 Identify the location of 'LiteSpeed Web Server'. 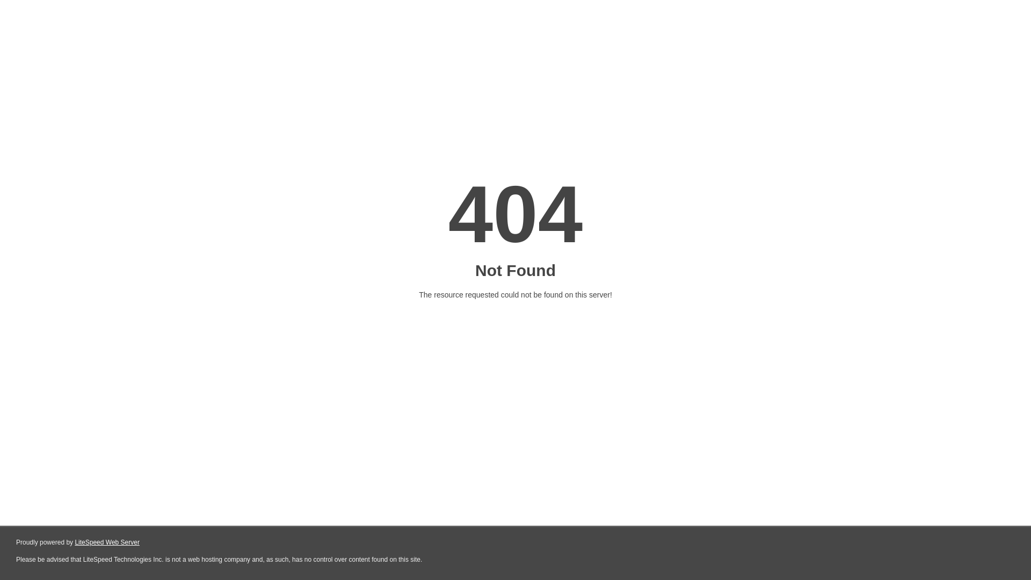
(107, 542).